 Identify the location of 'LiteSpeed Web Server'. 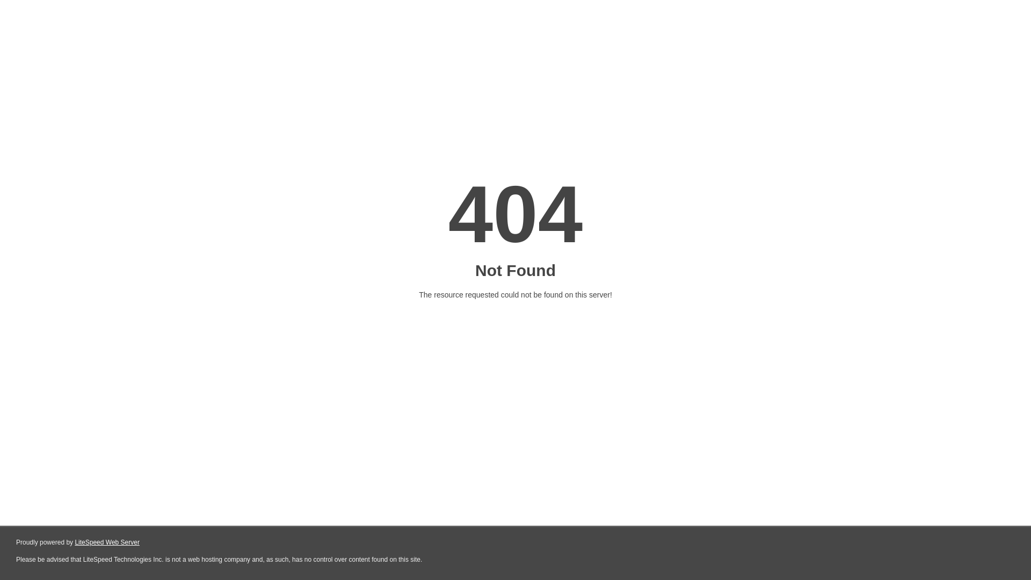
(107, 542).